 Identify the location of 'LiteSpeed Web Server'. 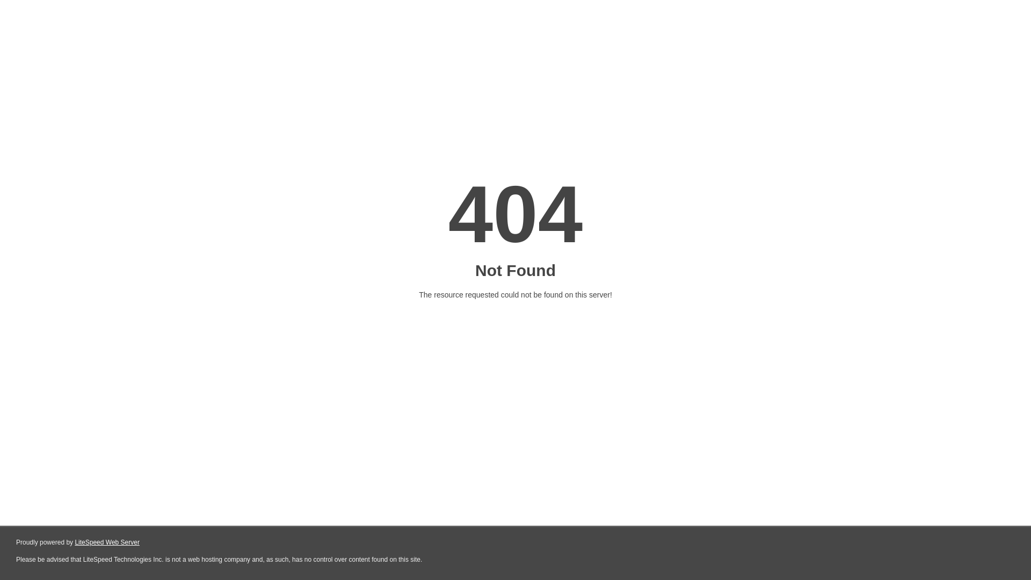
(107, 542).